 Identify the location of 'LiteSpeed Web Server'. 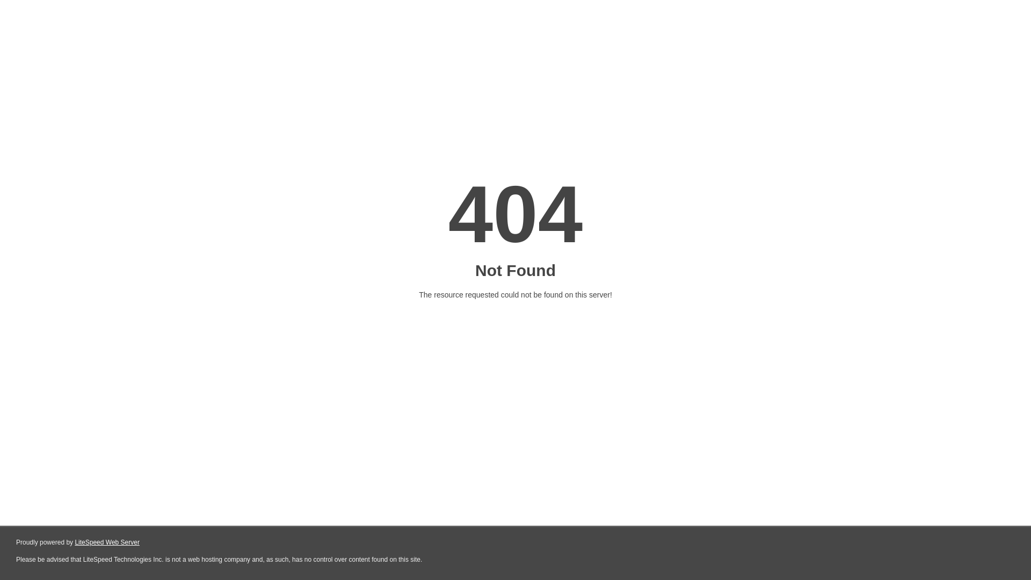
(107, 542).